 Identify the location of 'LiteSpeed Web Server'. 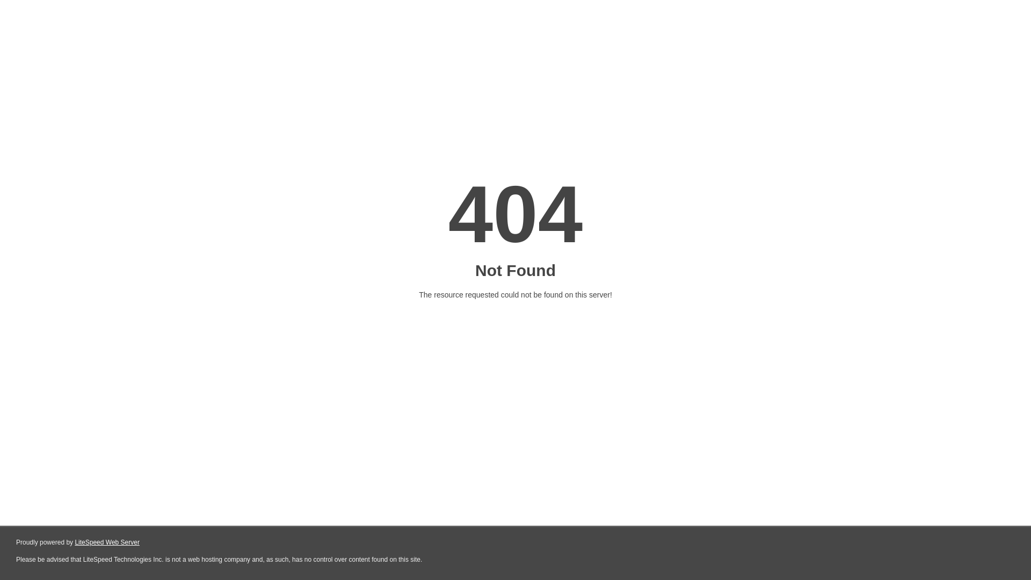
(107, 542).